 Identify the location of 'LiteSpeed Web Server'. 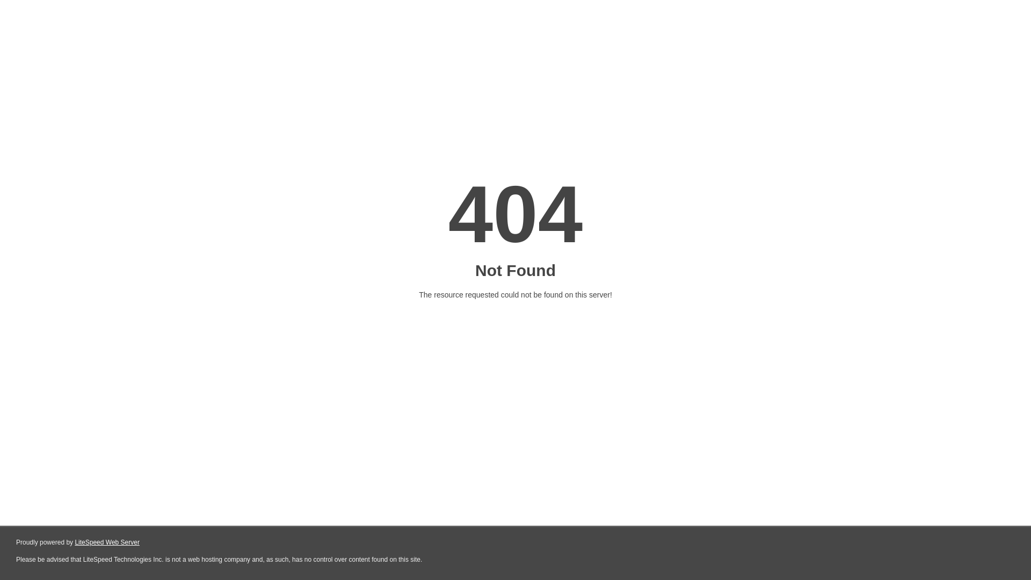
(107, 542).